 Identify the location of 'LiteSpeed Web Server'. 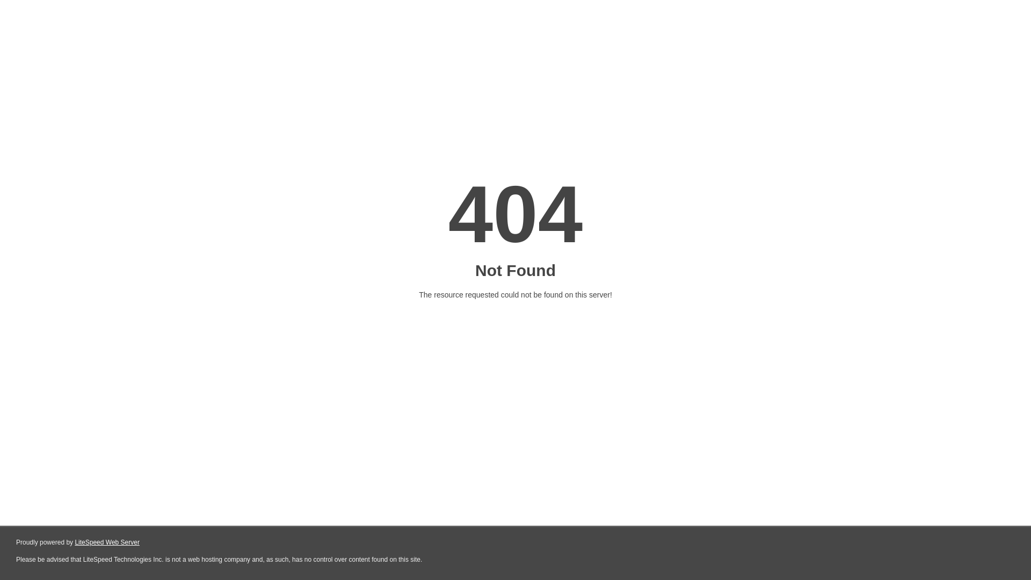
(107, 542).